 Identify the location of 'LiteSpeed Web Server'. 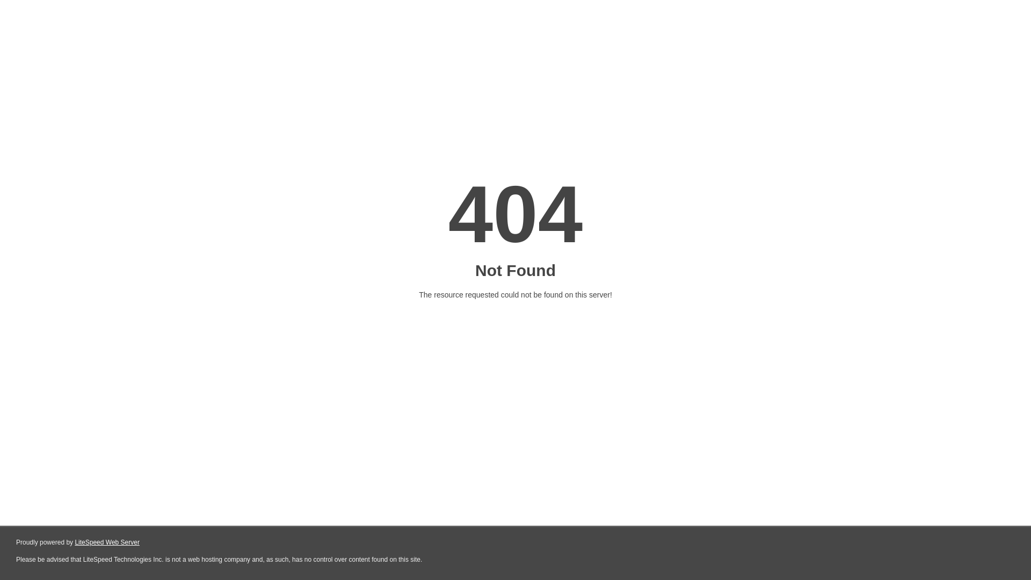
(107, 542).